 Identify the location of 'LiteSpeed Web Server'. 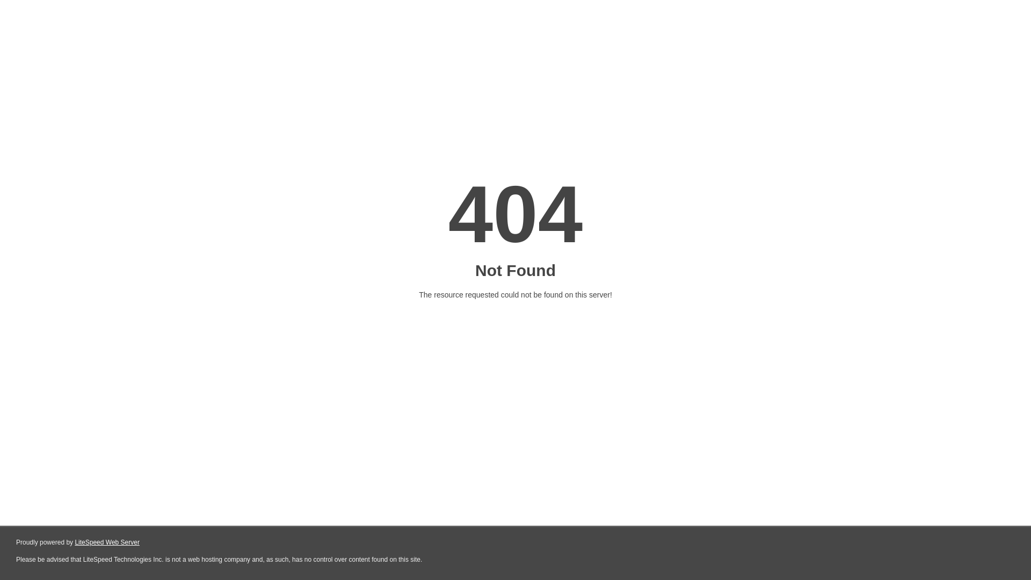
(107, 542).